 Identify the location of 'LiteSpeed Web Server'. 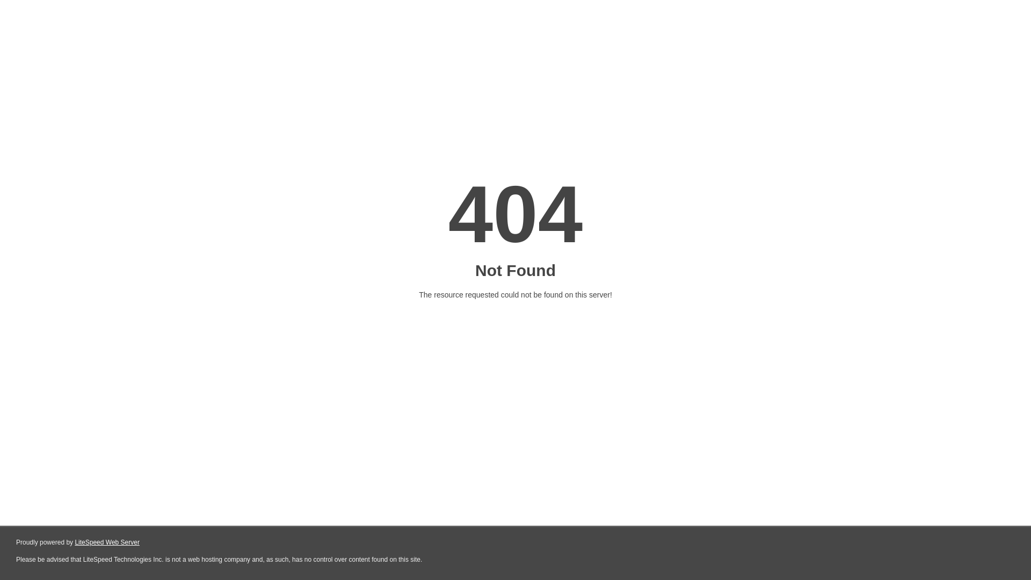
(107, 542).